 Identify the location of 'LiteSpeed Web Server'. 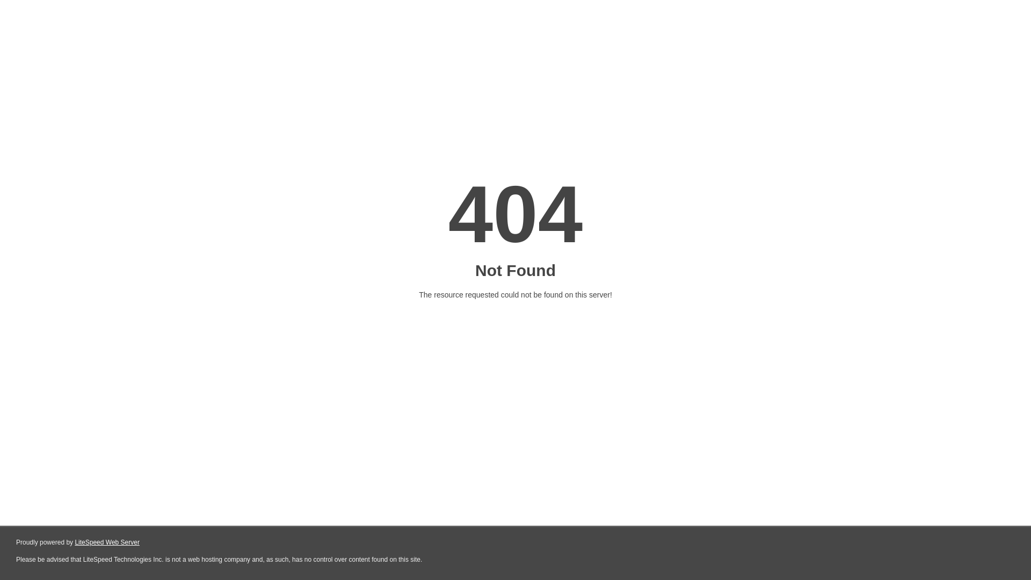
(107, 542).